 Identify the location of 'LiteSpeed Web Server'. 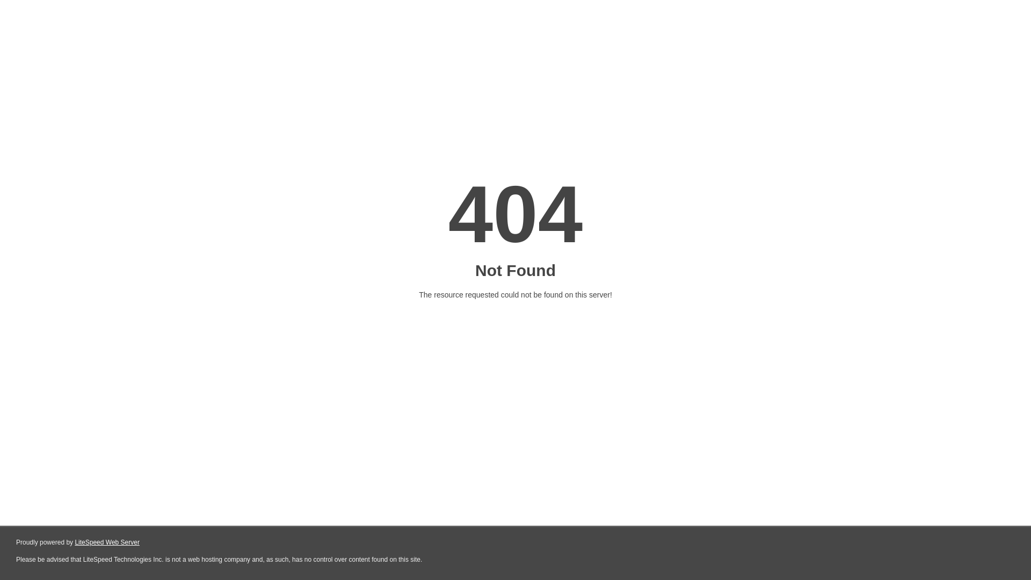
(107, 542).